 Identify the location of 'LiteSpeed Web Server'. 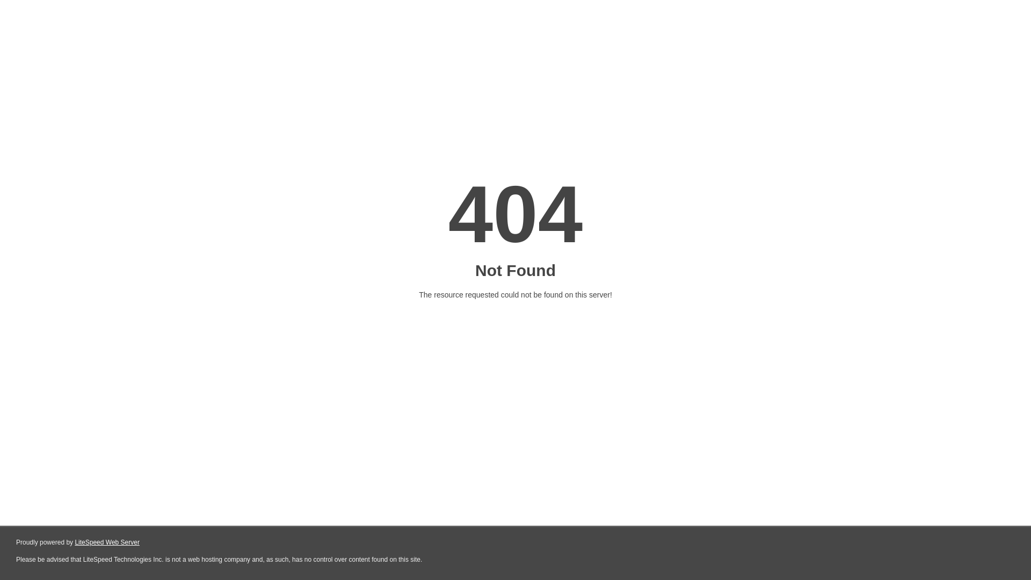
(107, 542).